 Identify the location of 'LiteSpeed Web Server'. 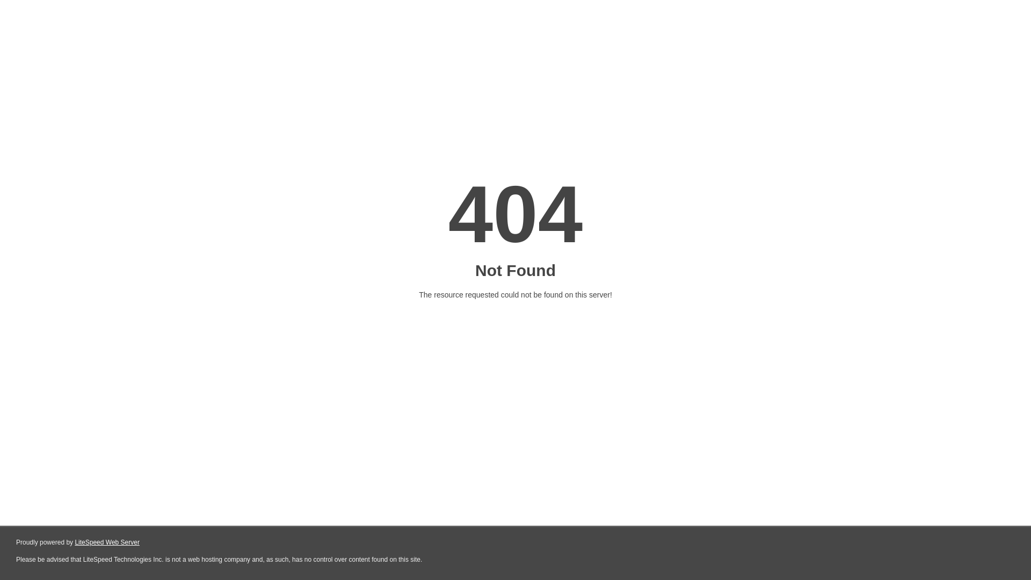
(107, 542).